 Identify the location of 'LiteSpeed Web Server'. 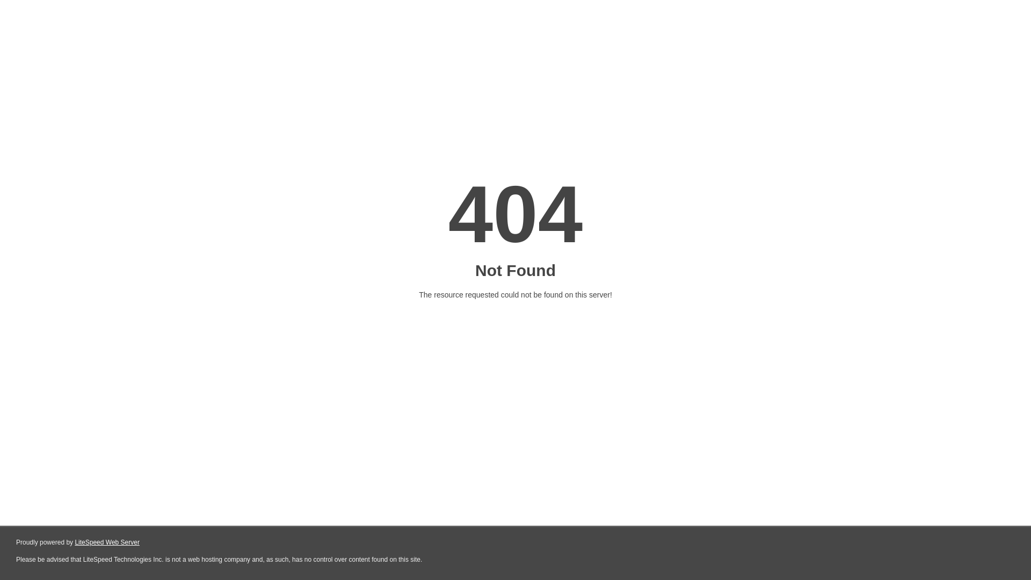
(107, 542).